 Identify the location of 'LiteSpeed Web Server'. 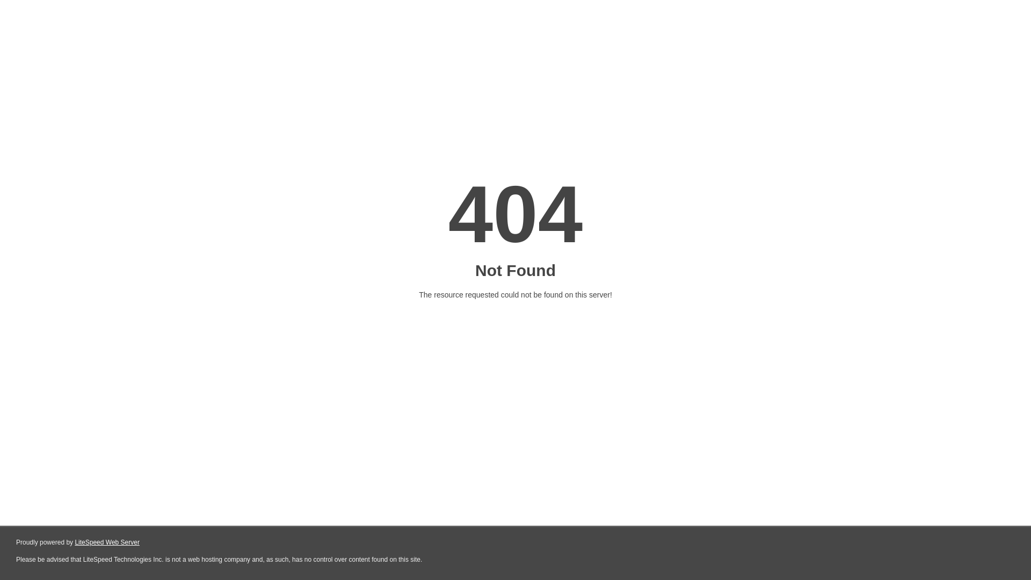
(107, 542).